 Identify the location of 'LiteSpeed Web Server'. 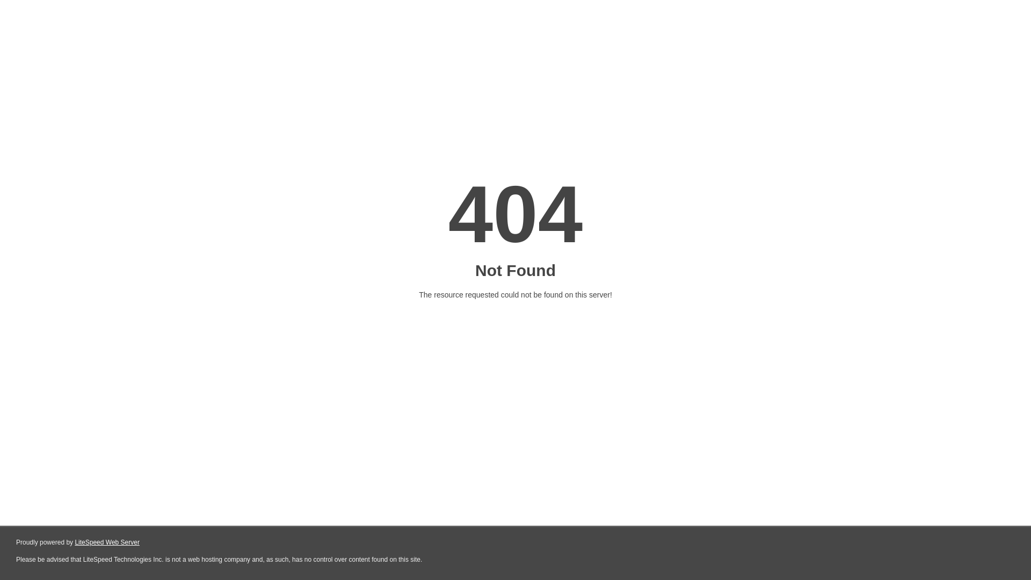
(107, 542).